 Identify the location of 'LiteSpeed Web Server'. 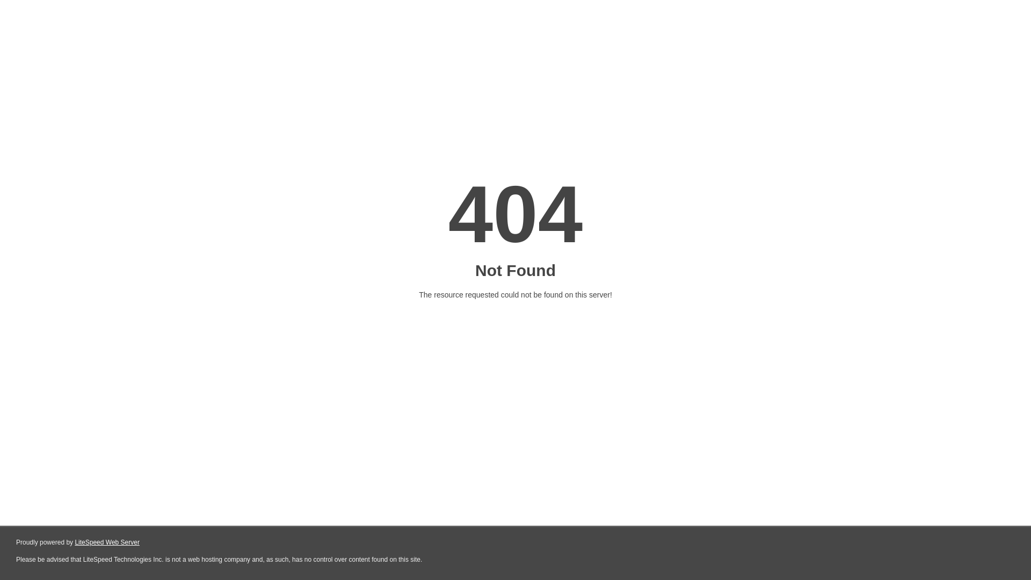
(107, 542).